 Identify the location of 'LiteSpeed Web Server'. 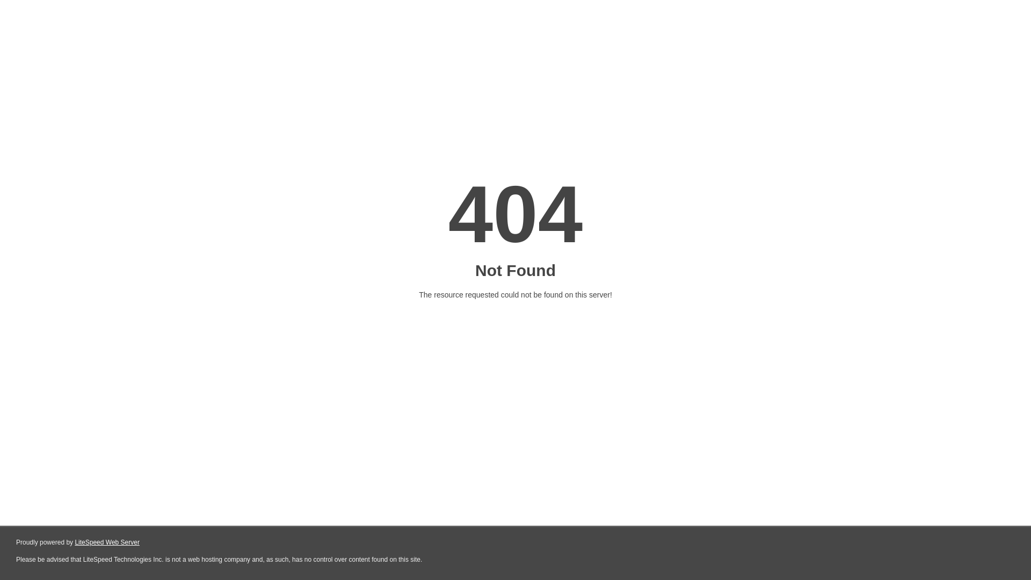
(107, 542).